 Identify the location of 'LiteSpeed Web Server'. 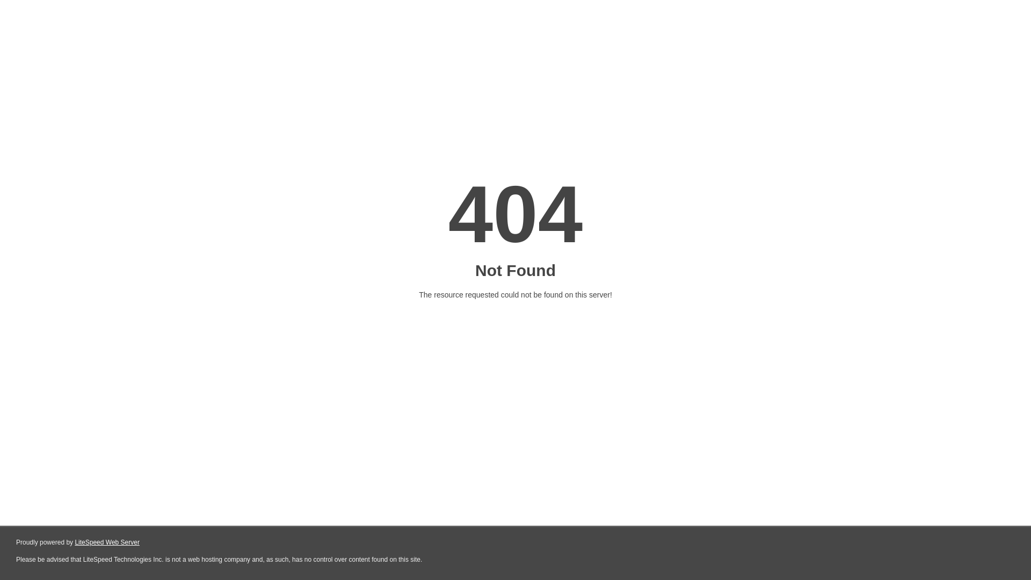
(107, 542).